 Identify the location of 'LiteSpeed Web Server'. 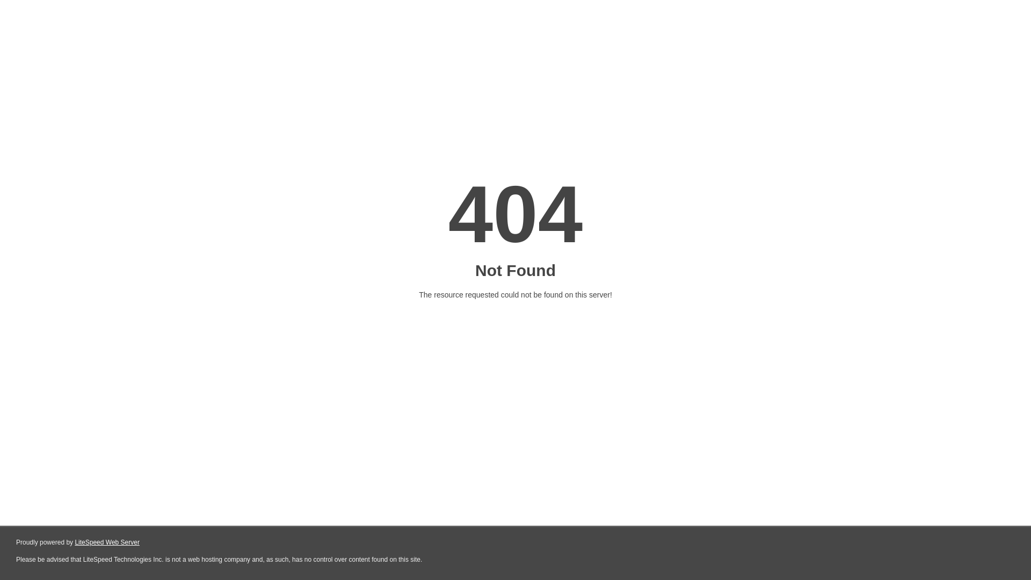
(107, 542).